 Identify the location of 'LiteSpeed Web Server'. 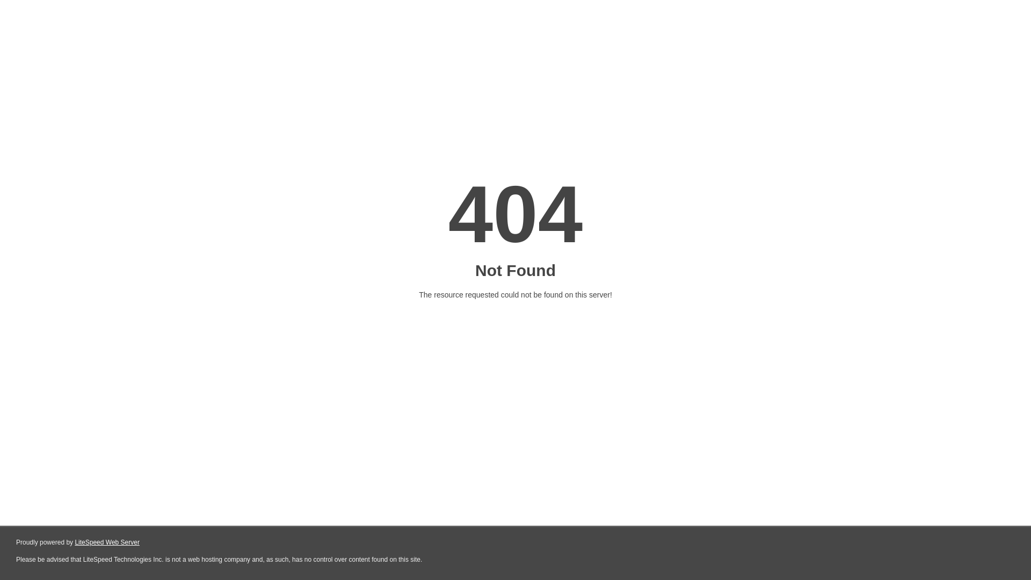
(107, 542).